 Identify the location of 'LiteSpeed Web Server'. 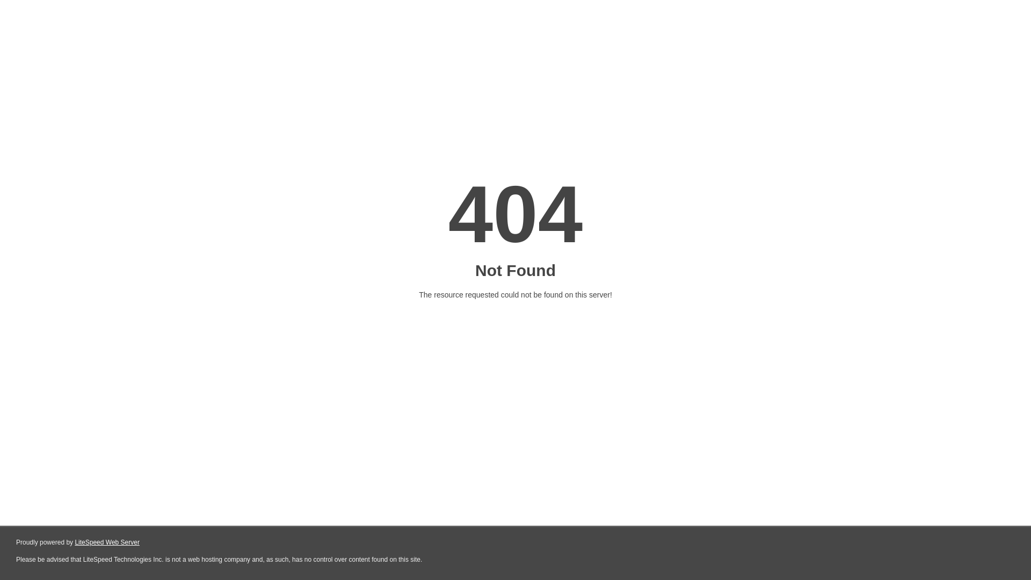
(107, 542).